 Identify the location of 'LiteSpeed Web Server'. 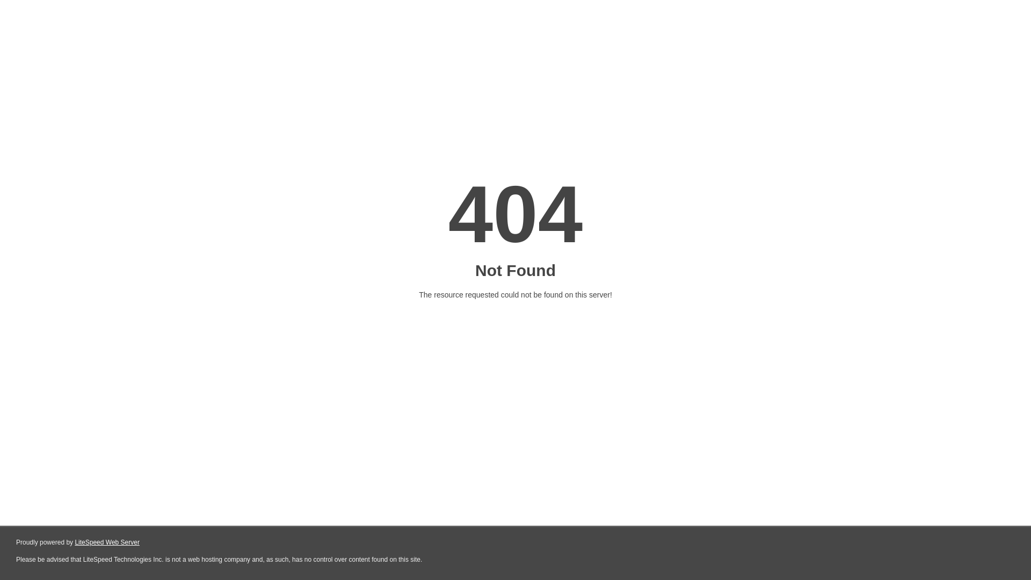
(107, 542).